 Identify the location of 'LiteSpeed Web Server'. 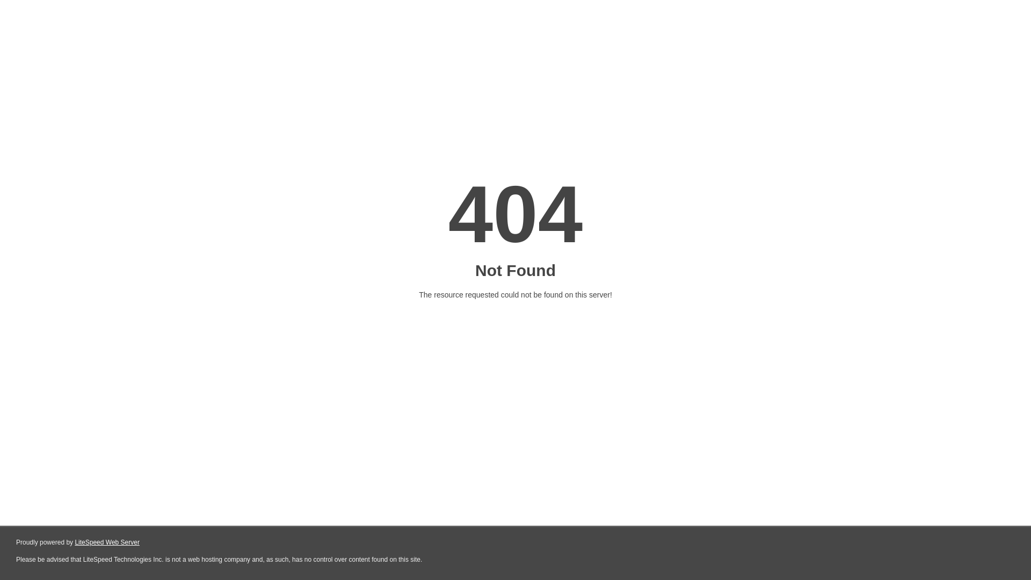
(107, 542).